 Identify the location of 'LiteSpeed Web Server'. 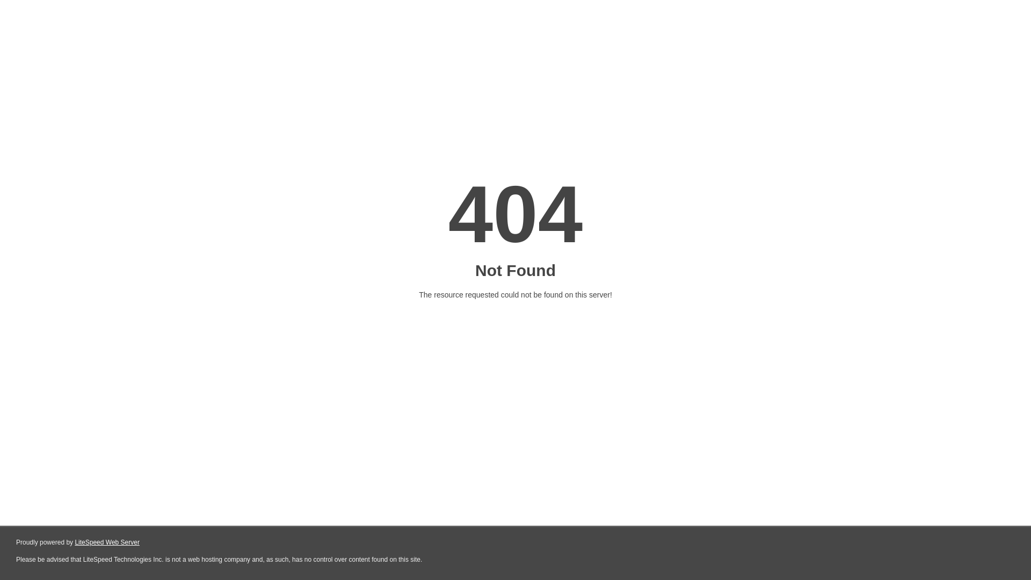
(107, 542).